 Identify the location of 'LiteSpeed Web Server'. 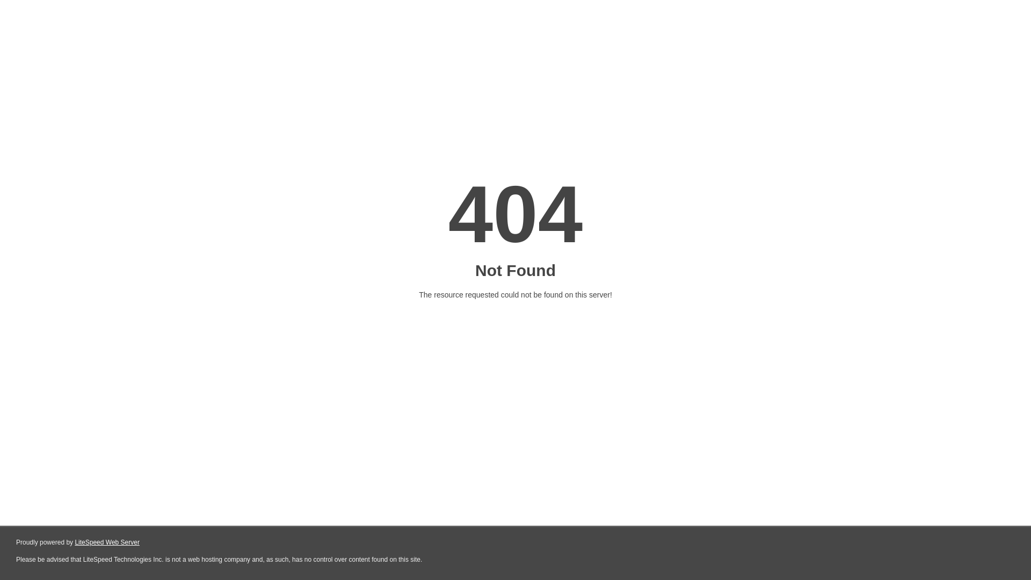
(107, 542).